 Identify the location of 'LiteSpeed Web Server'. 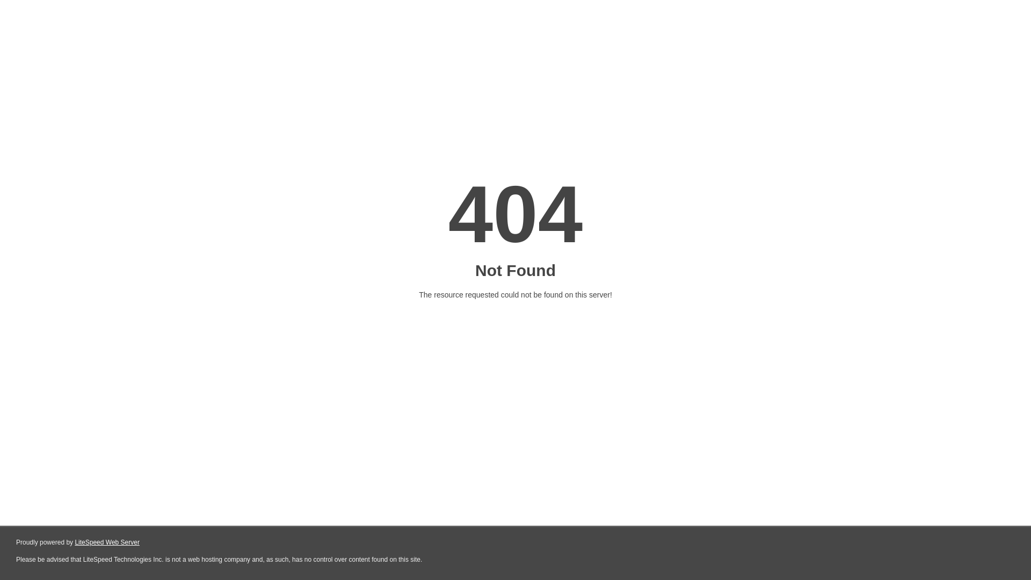
(107, 542).